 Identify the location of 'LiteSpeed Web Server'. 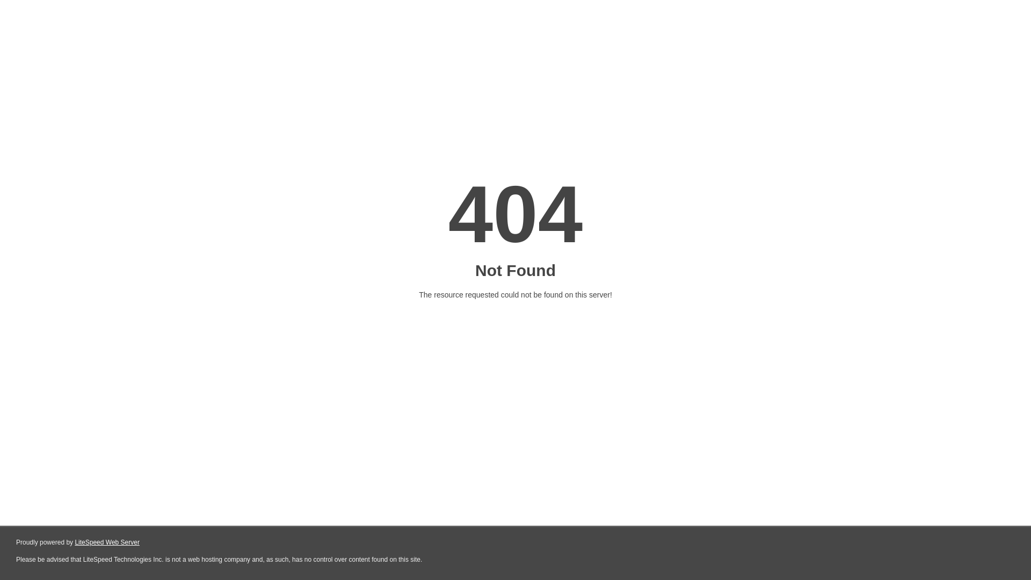
(107, 542).